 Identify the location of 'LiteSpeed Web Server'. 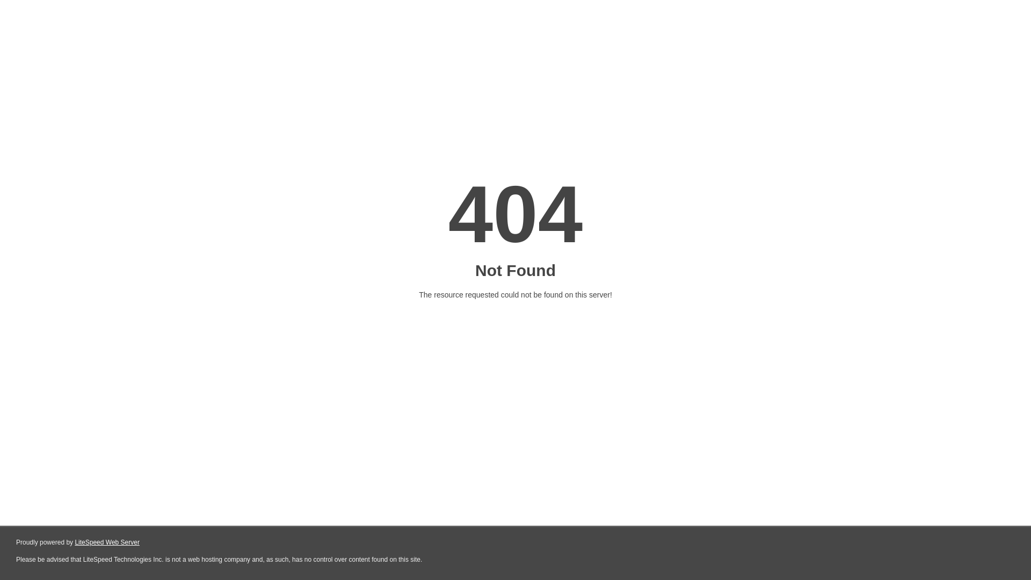
(107, 542).